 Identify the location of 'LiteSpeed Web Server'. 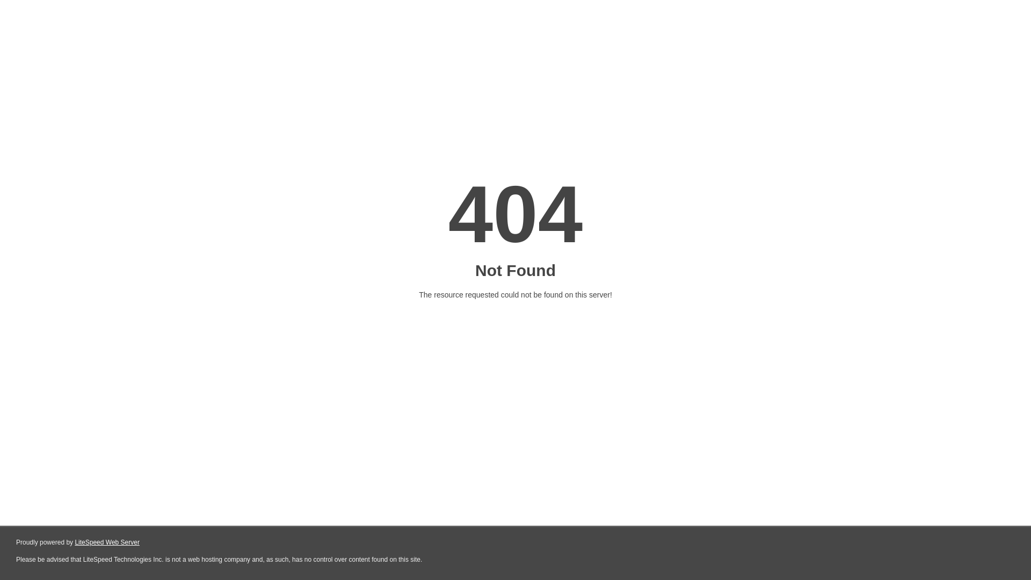
(107, 542).